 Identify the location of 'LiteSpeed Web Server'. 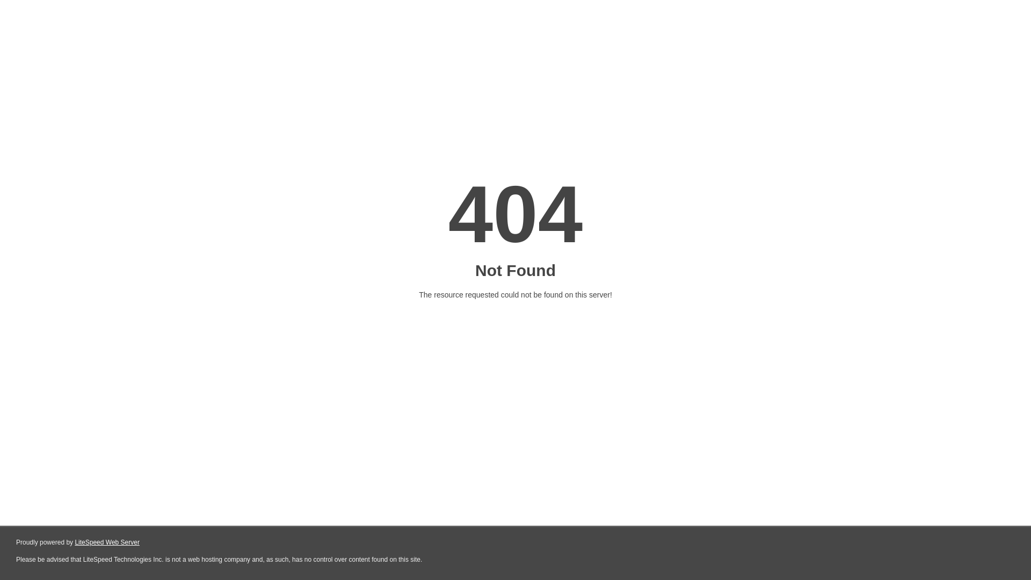
(107, 542).